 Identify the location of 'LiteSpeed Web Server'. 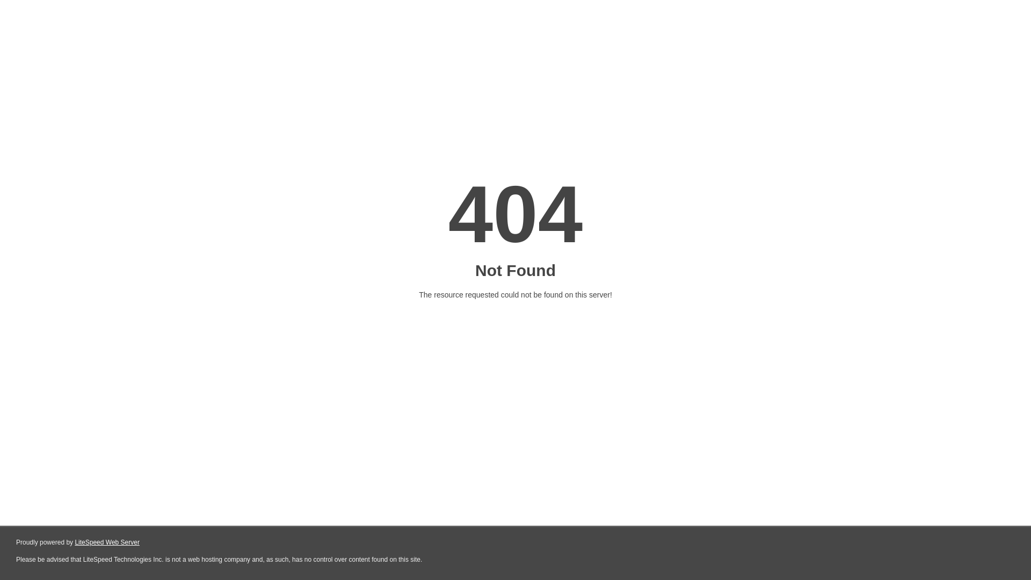
(107, 542).